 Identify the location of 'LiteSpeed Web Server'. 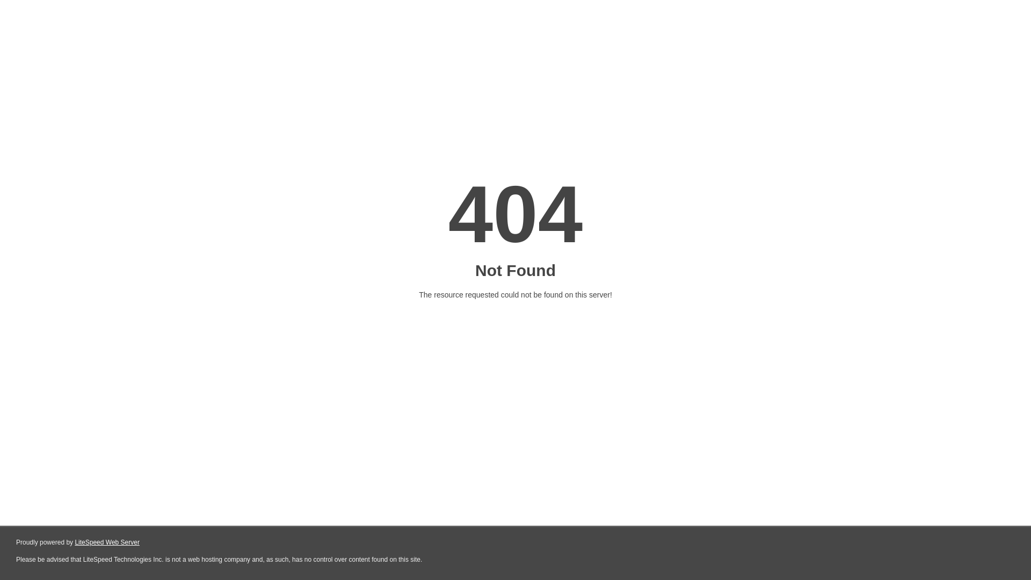
(107, 542).